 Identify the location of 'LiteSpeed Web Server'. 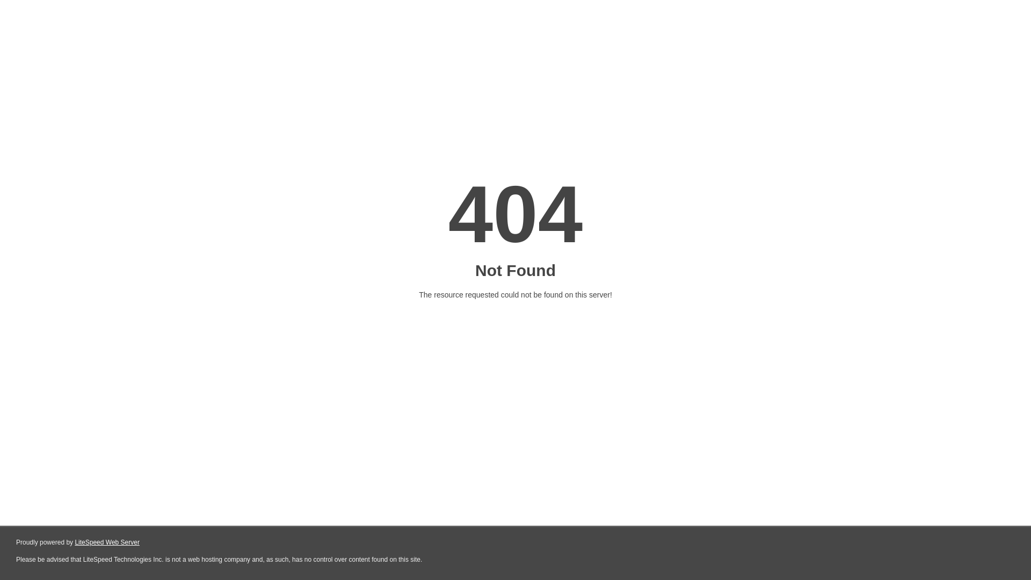
(107, 542).